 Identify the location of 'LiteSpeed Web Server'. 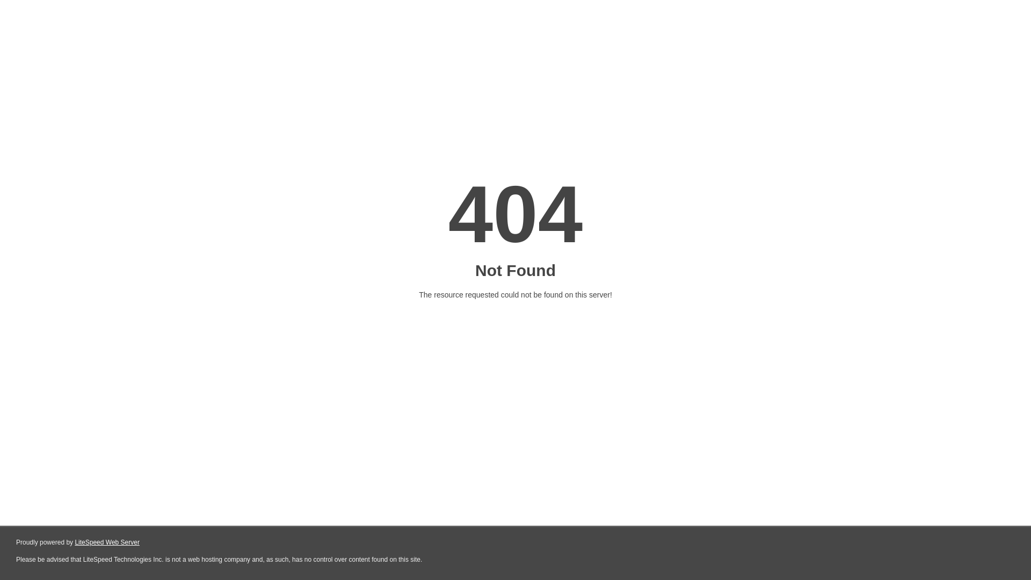
(107, 542).